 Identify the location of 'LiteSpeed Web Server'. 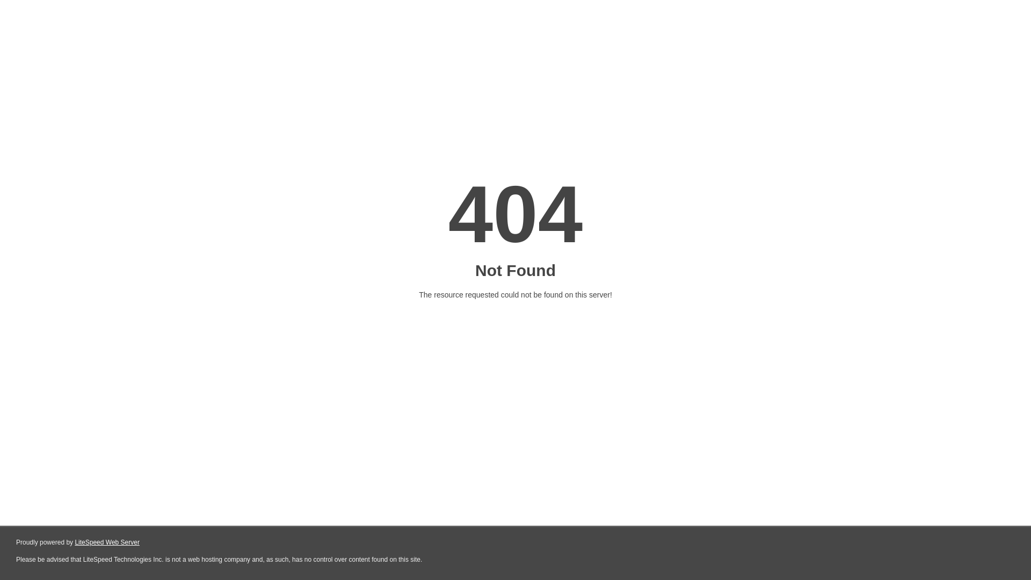
(107, 542).